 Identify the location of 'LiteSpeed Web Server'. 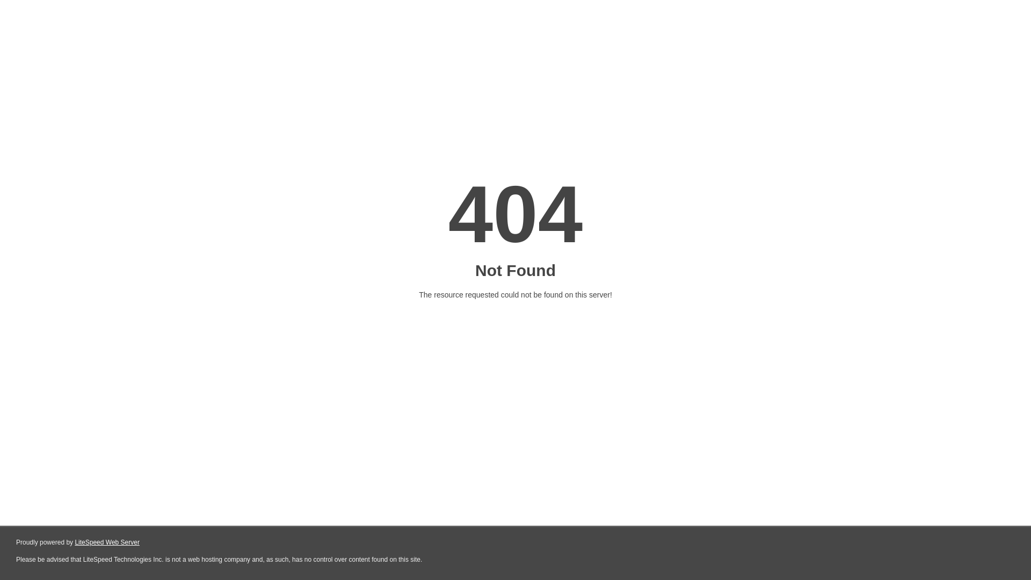
(107, 542).